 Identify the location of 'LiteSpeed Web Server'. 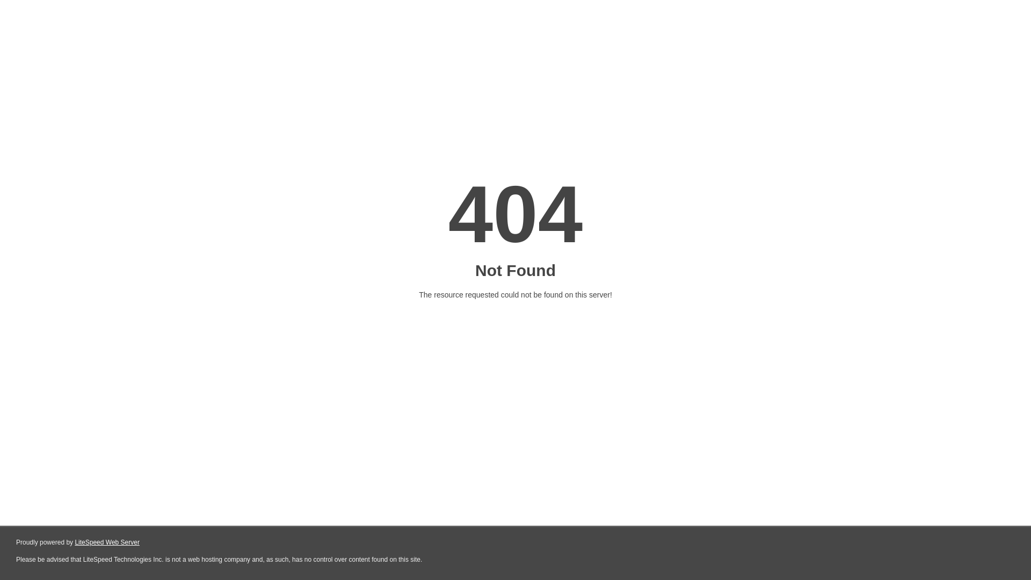
(107, 542).